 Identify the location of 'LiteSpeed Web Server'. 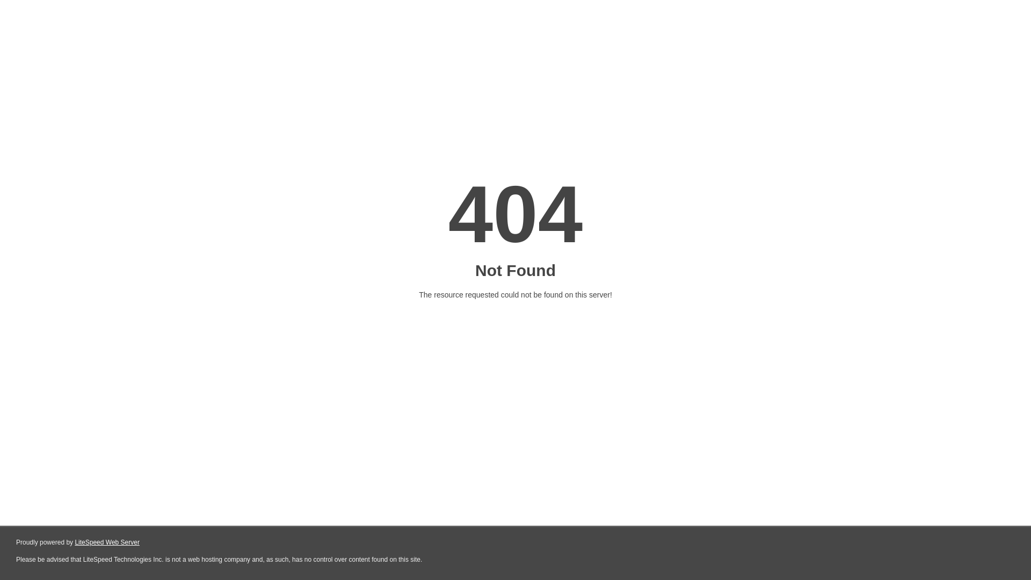
(107, 542).